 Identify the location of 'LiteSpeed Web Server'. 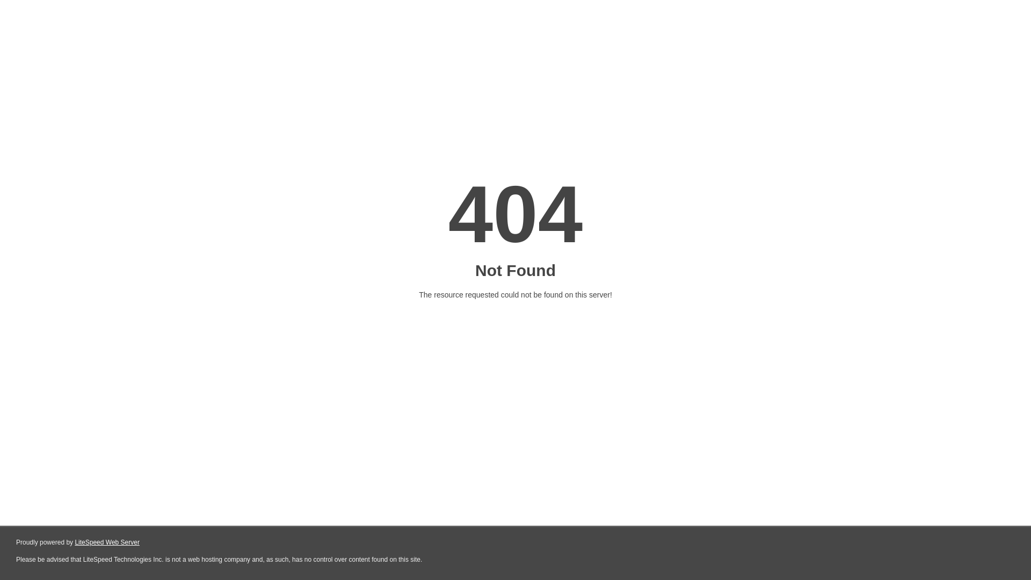
(107, 542).